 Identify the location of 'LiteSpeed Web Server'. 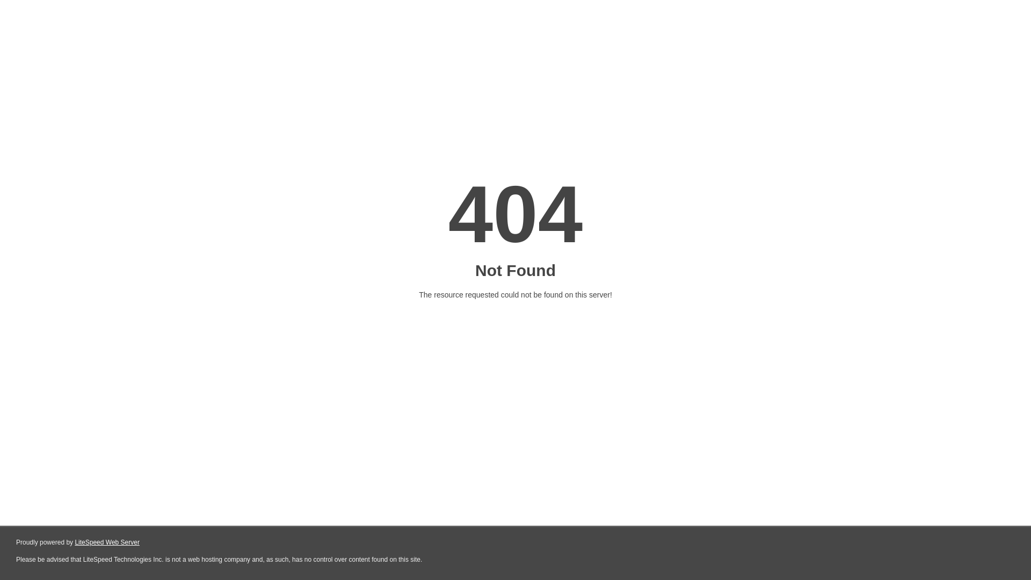
(107, 542).